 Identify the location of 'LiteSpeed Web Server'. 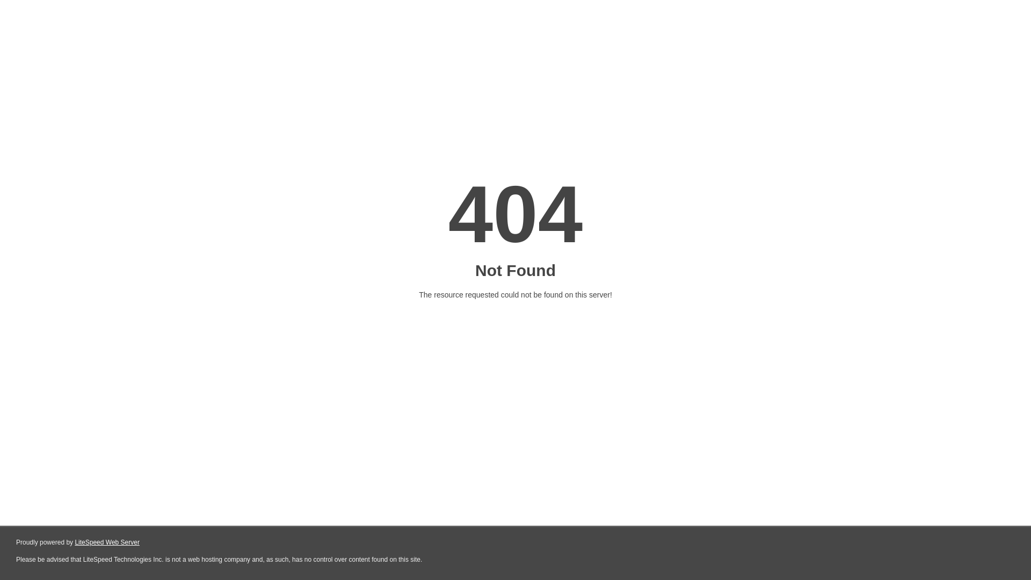
(107, 542).